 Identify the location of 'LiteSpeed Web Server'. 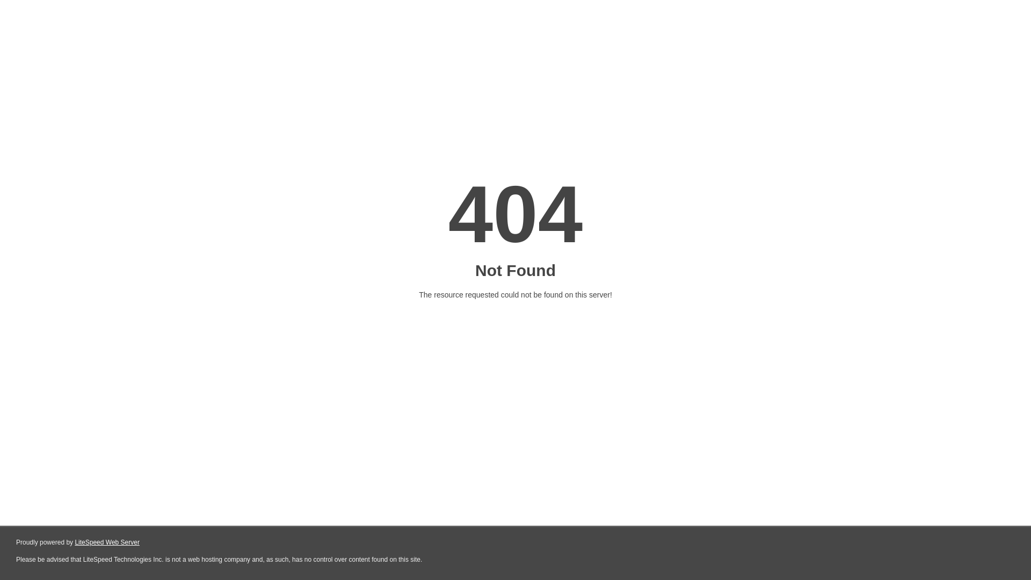
(107, 542).